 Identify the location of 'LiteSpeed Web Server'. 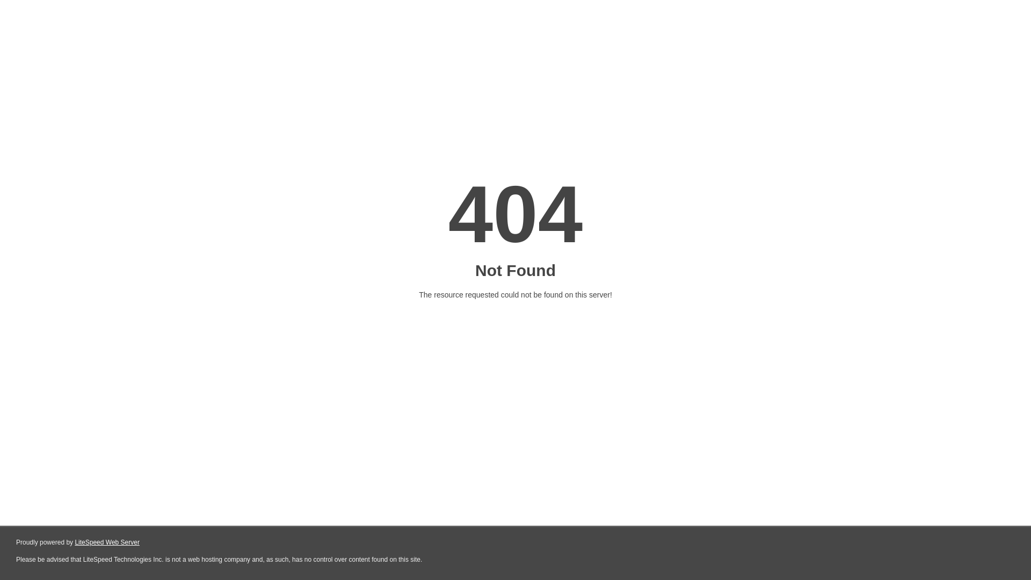
(107, 542).